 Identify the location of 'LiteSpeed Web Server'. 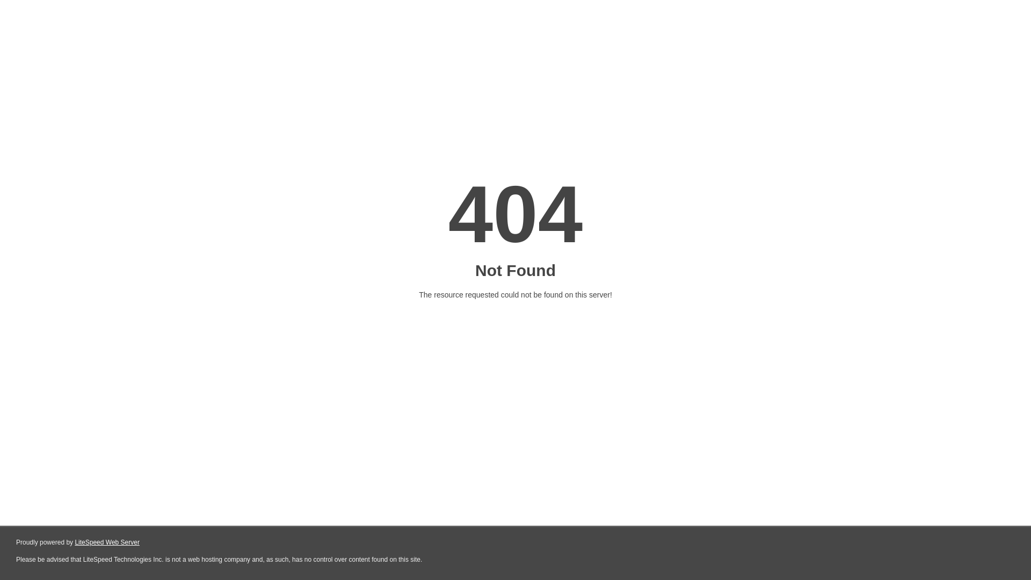
(107, 542).